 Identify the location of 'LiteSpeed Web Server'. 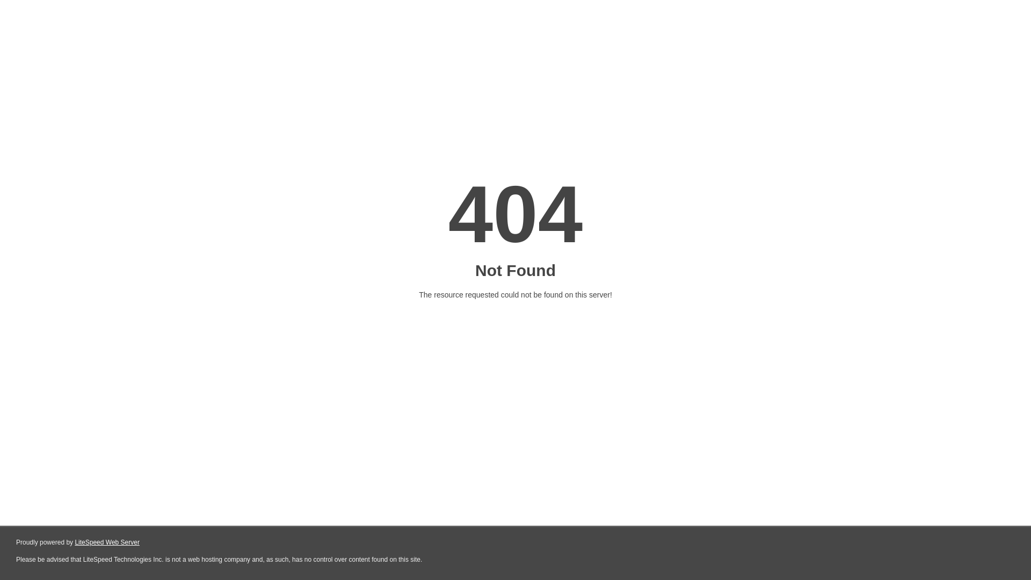
(107, 542).